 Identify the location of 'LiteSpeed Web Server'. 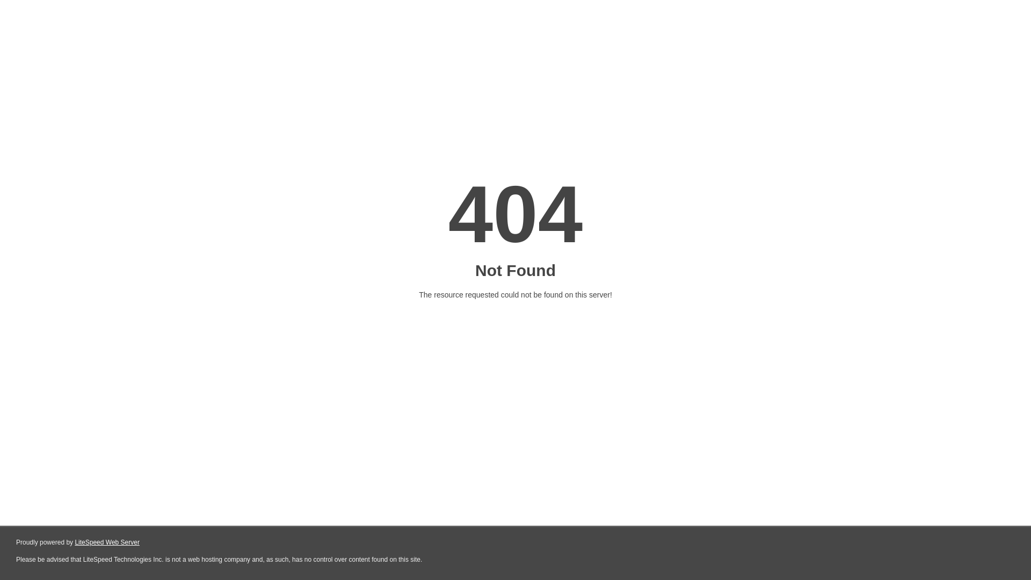
(107, 542).